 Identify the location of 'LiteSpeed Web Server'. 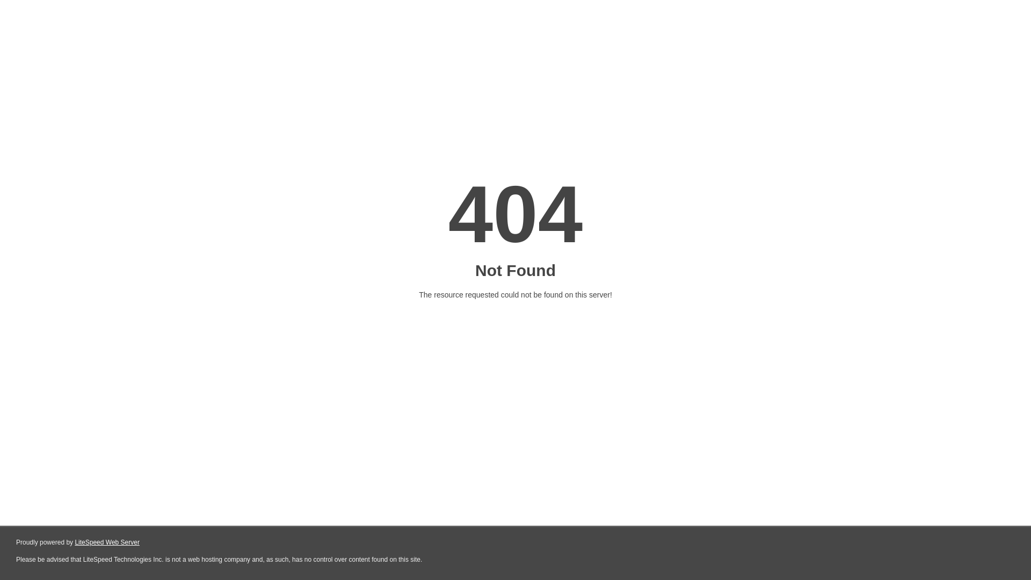
(107, 542).